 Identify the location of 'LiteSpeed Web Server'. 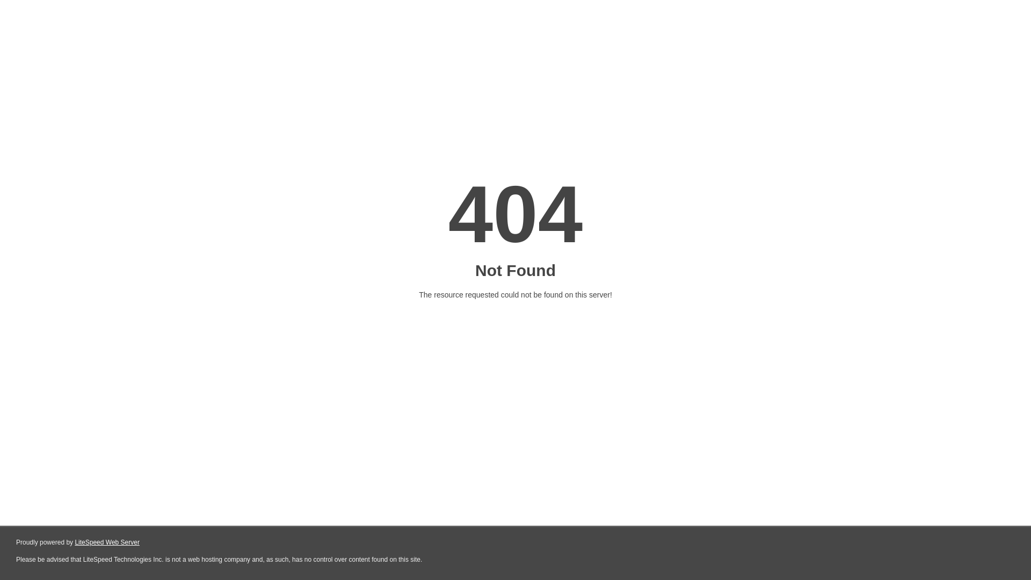
(107, 542).